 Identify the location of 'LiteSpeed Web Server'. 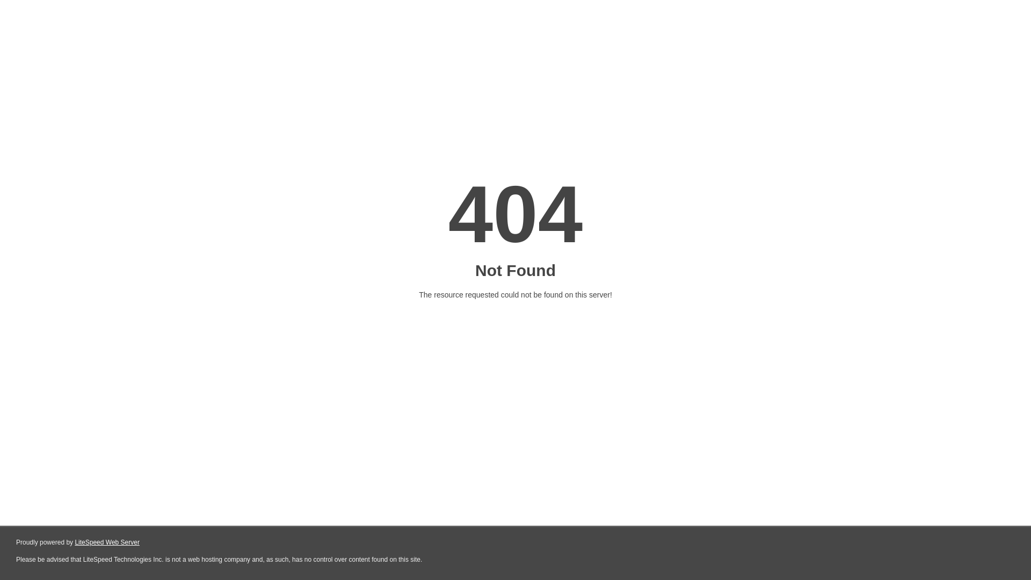
(107, 542).